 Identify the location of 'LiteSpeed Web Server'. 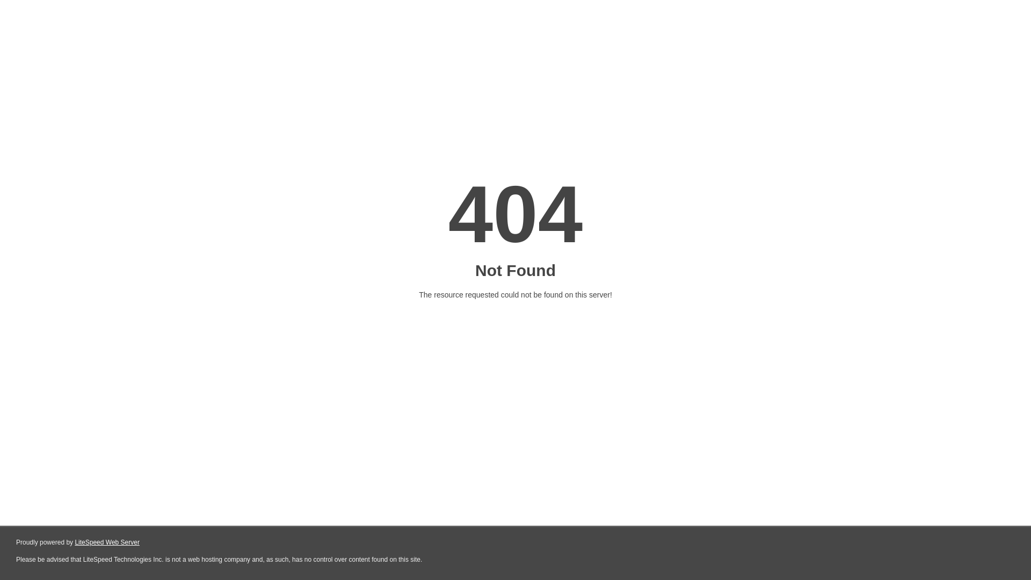
(107, 542).